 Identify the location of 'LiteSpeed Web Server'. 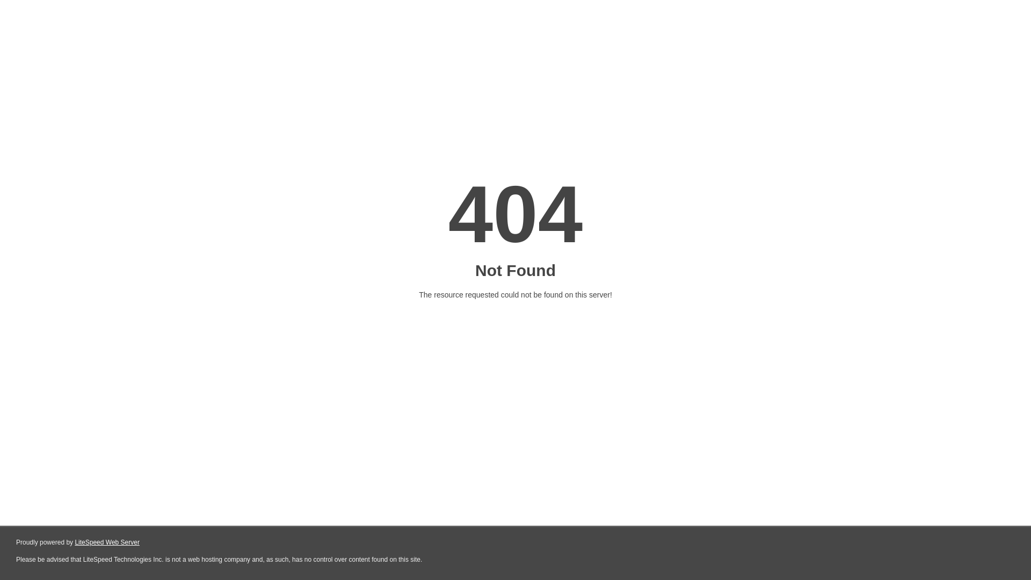
(107, 542).